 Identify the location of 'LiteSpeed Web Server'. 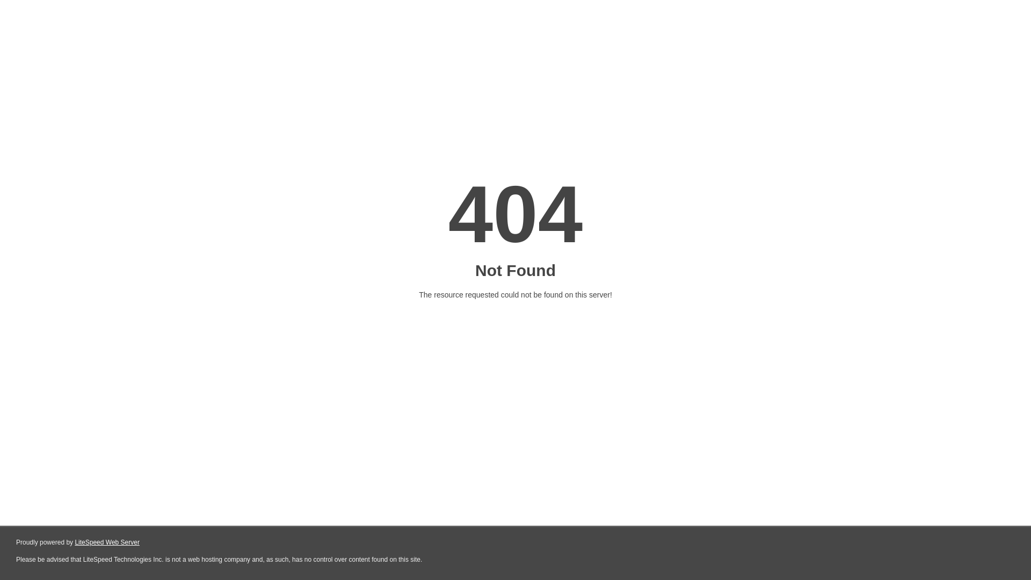
(107, 542).